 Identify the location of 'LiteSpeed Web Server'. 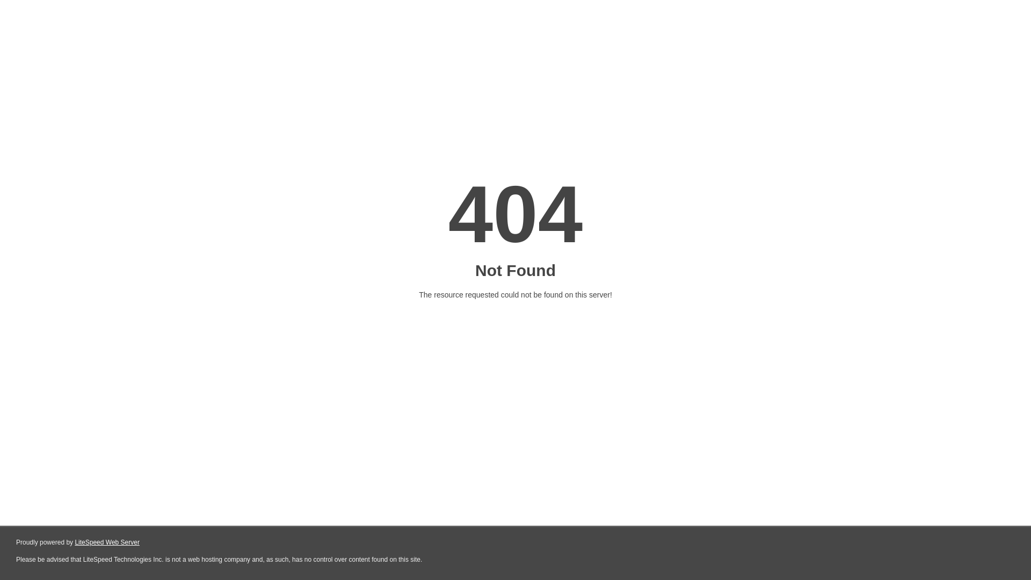
(107, 542).